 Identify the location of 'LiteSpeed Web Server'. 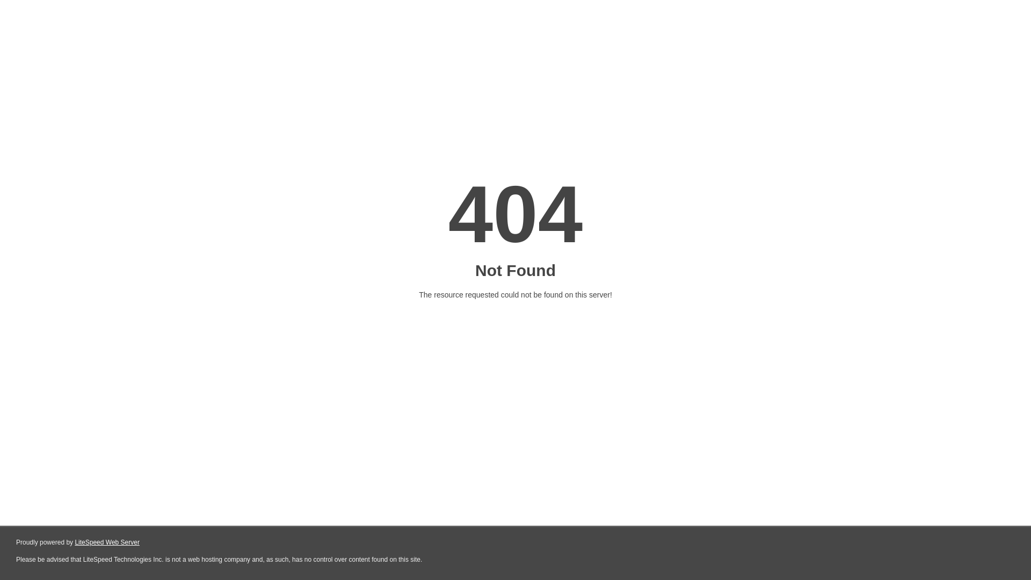
(107, 542).